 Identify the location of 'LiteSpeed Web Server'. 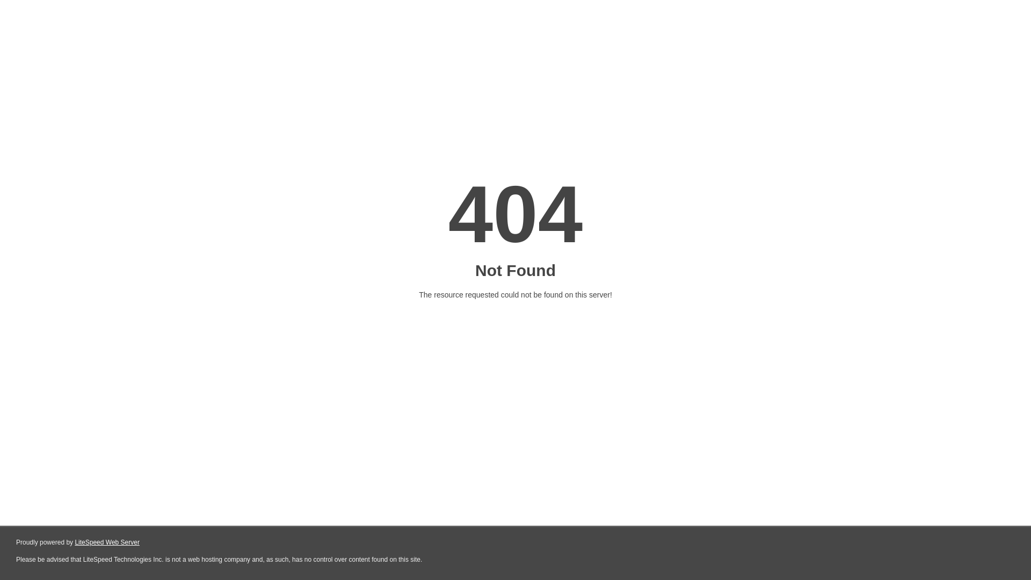
(107, 542).